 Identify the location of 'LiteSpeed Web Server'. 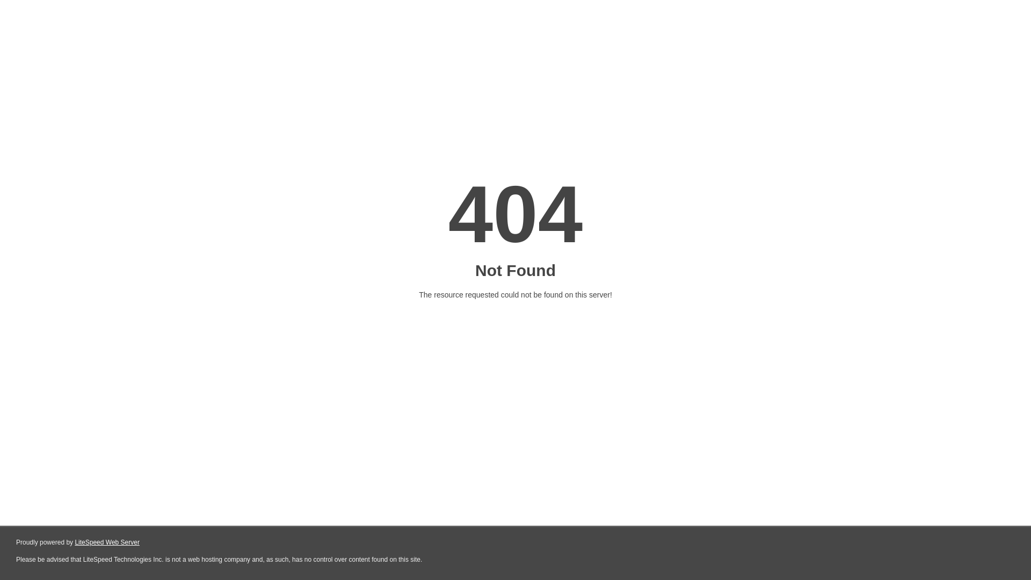
(107, 542).